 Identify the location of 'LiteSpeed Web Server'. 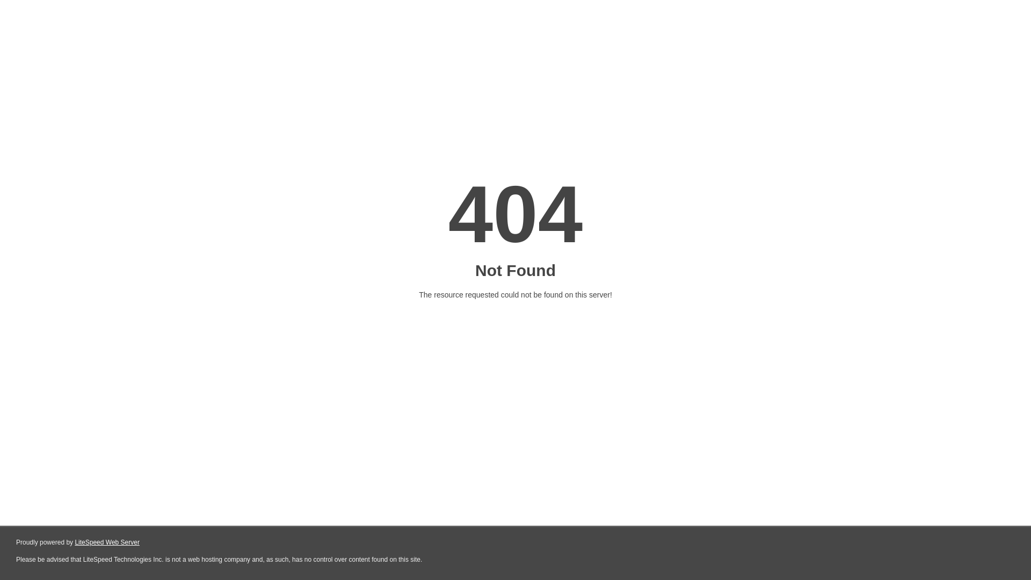
(107, 542).